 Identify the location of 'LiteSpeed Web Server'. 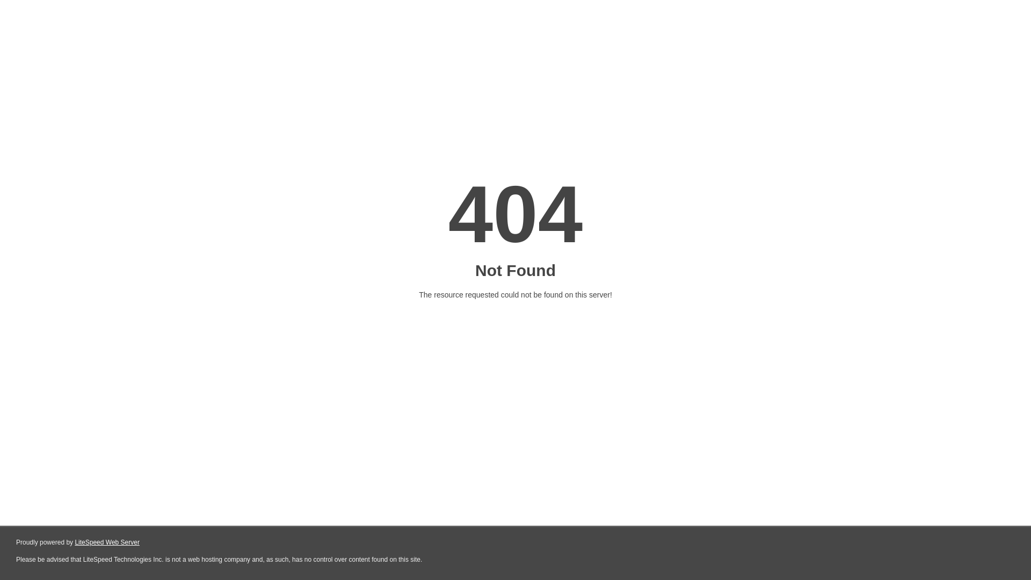
(107, 542).